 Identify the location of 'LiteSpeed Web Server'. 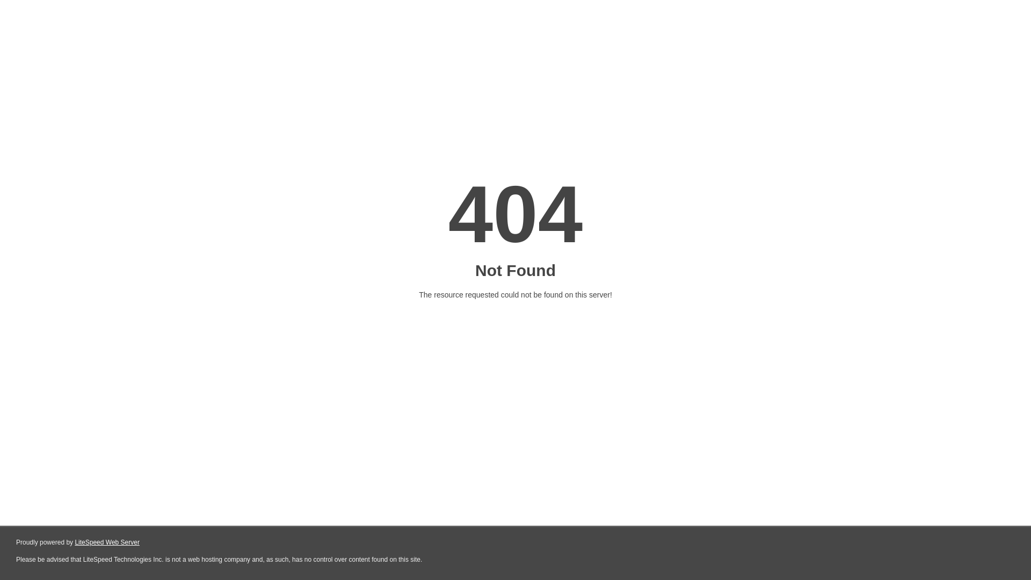
(107, 542).